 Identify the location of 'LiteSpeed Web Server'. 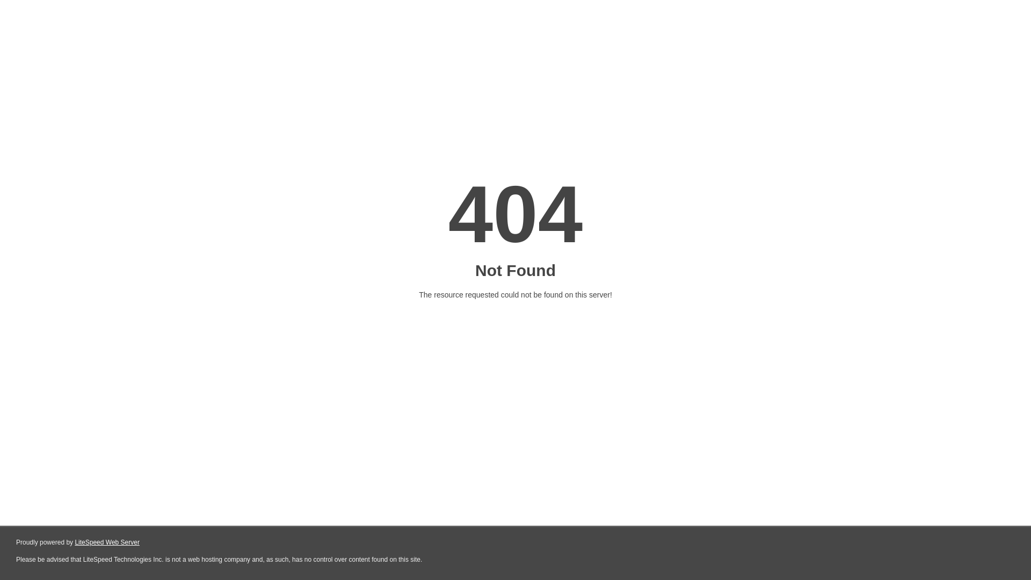
(107, 542).